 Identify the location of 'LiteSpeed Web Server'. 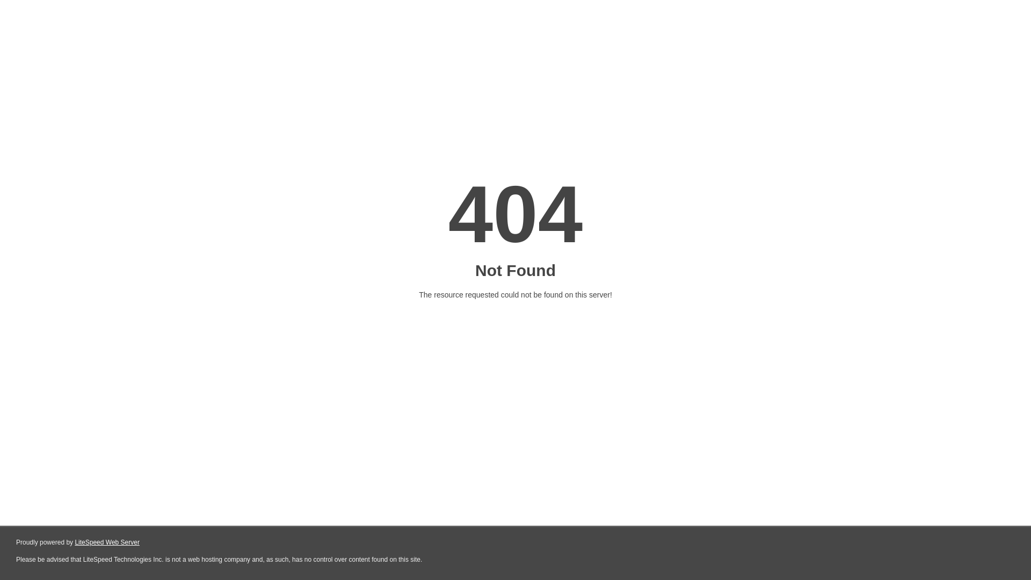
(107, 542).